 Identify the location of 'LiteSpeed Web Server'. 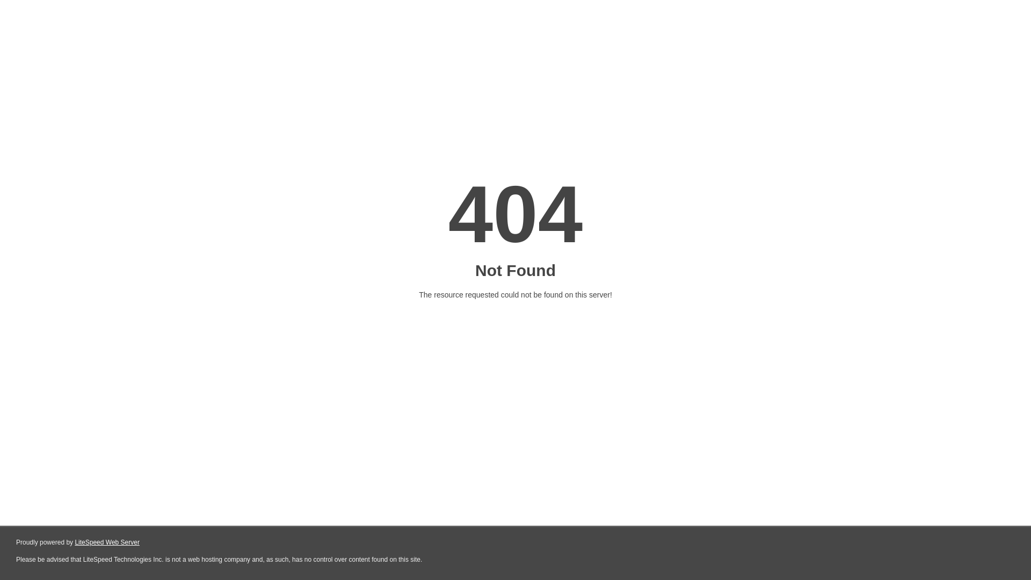
(107, 542).